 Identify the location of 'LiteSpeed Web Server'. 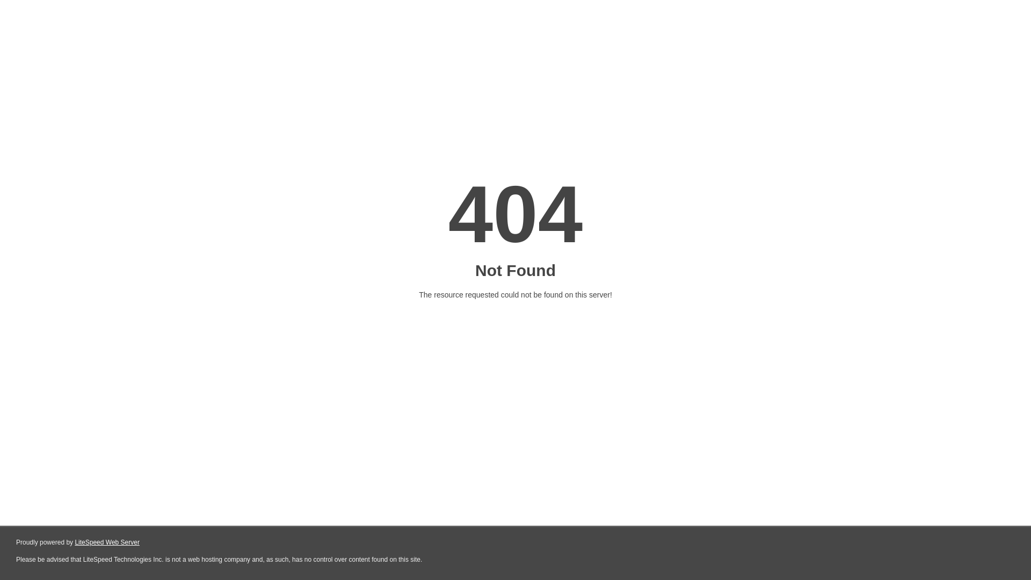
(107, 542).